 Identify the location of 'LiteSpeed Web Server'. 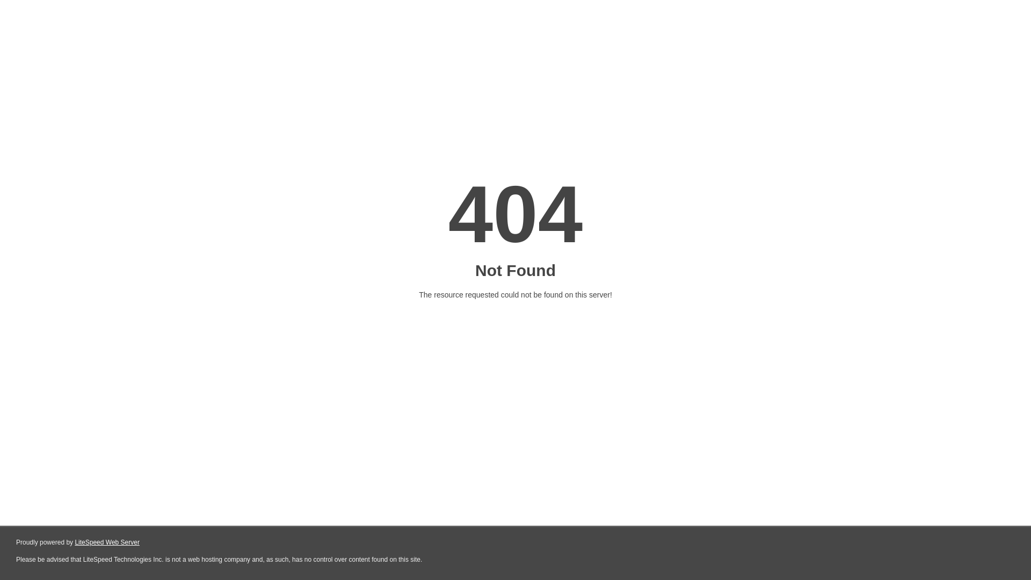
(107, 542).